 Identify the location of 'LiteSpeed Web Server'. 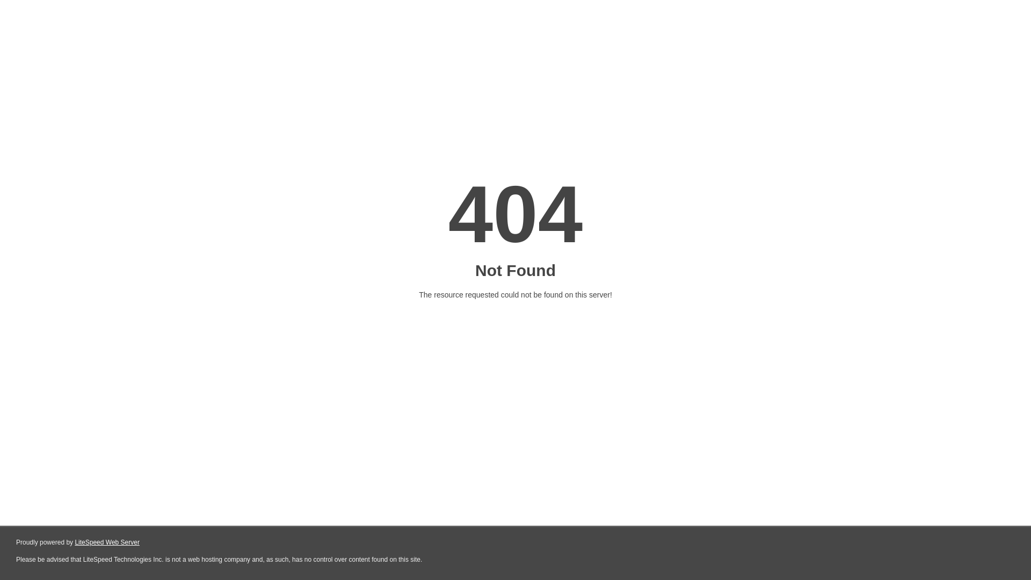
(107, 542).